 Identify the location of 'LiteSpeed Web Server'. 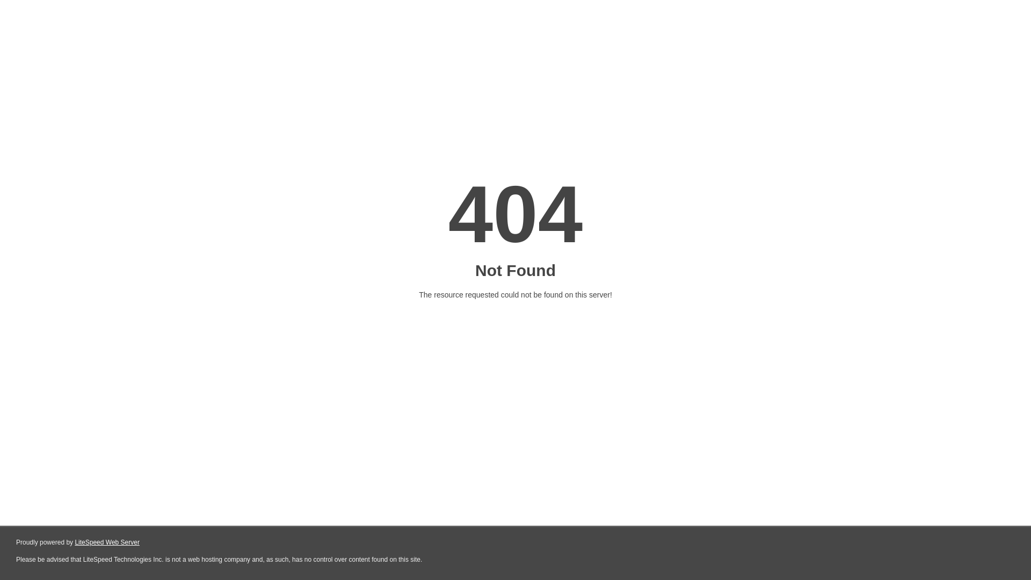
(107, 542).